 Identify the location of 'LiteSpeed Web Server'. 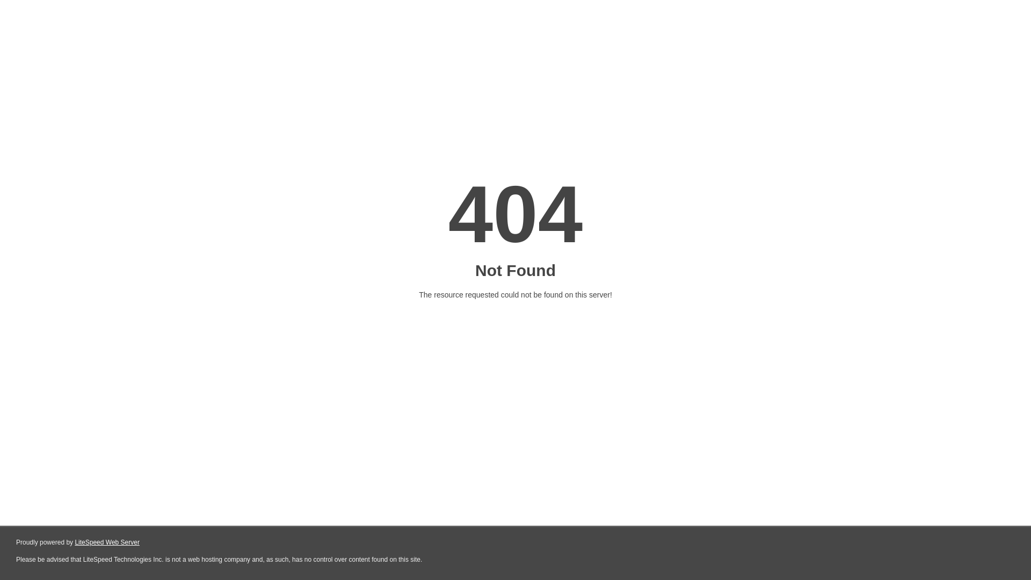
(107, 542).